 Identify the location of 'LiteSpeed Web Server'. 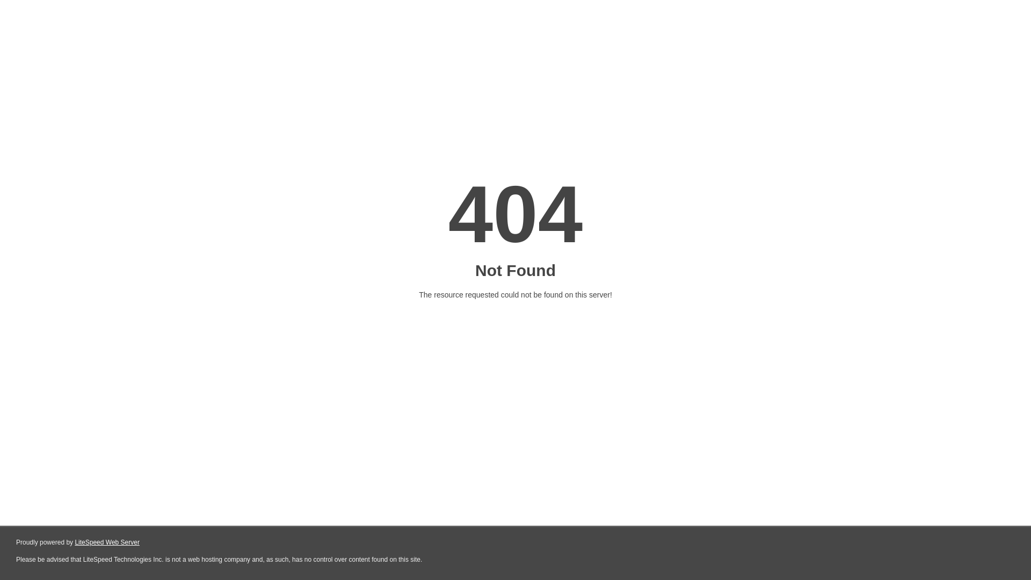
(107, 542).